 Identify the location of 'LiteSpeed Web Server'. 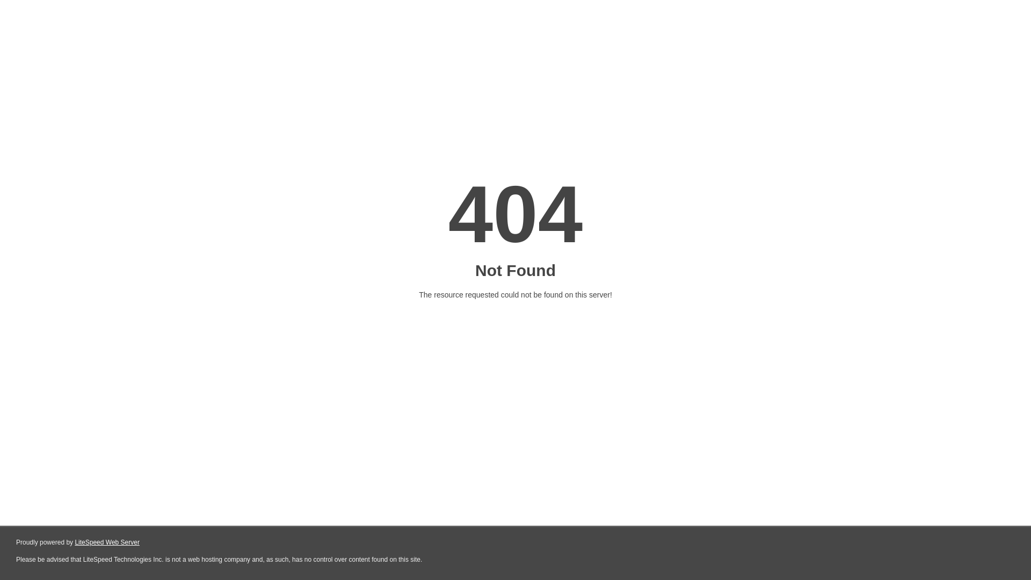
(107, 542).